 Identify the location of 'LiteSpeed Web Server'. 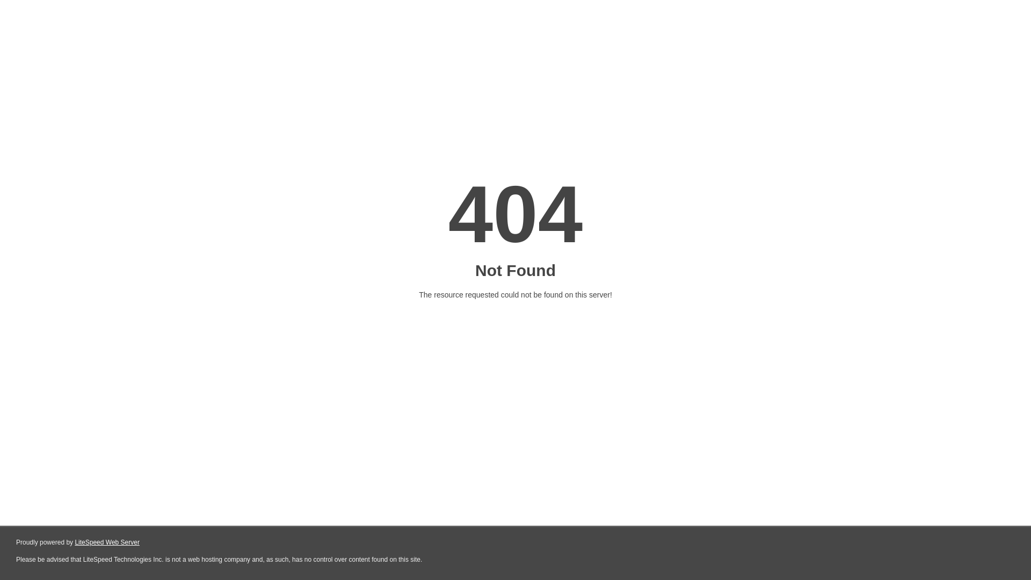
(107, 542).